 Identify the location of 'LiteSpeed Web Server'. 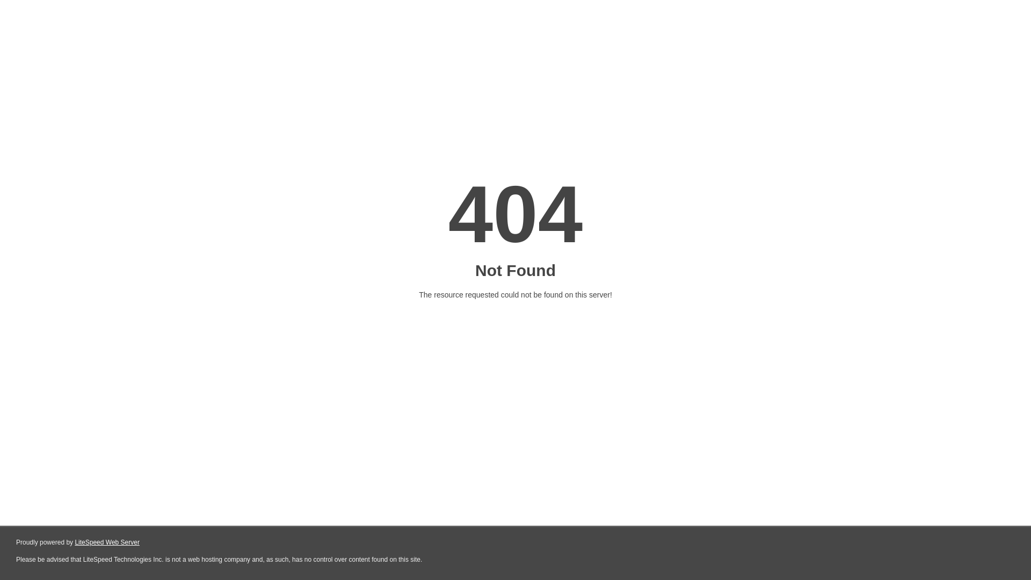
(107, 542).